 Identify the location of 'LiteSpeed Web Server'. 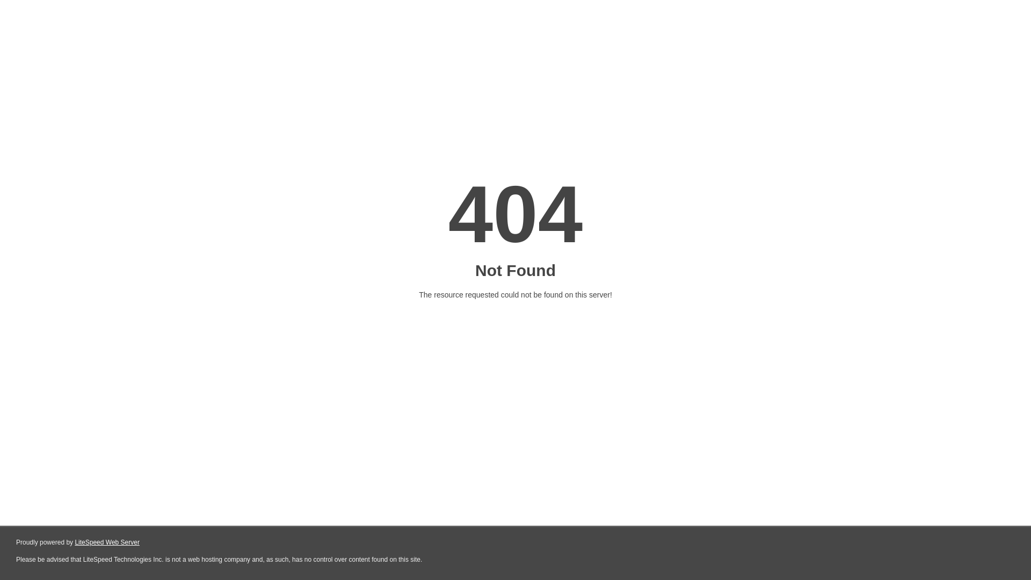
(107, 542).